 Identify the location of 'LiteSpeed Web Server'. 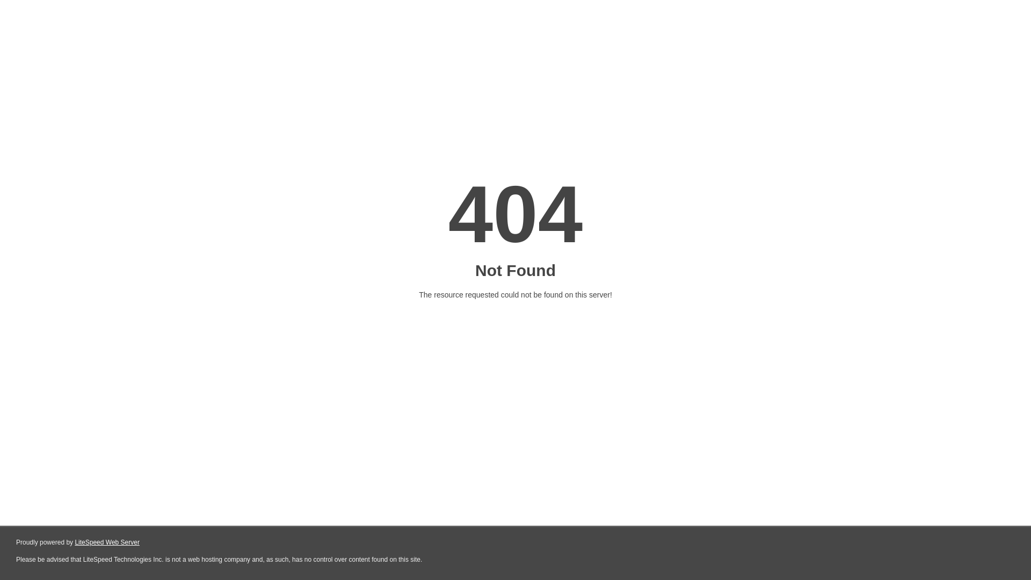
(107, 542).